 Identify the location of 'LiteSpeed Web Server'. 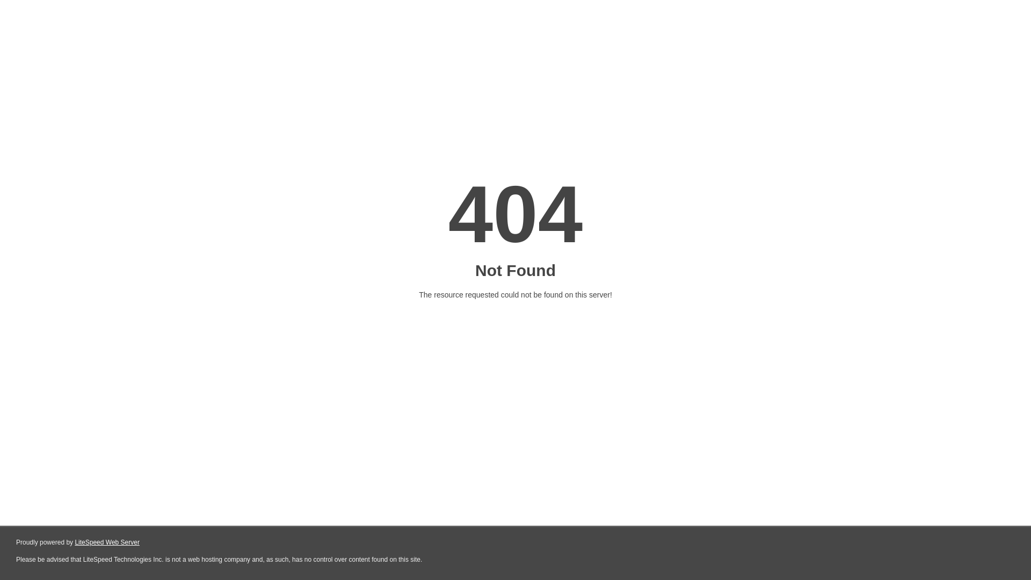
(107, 542).